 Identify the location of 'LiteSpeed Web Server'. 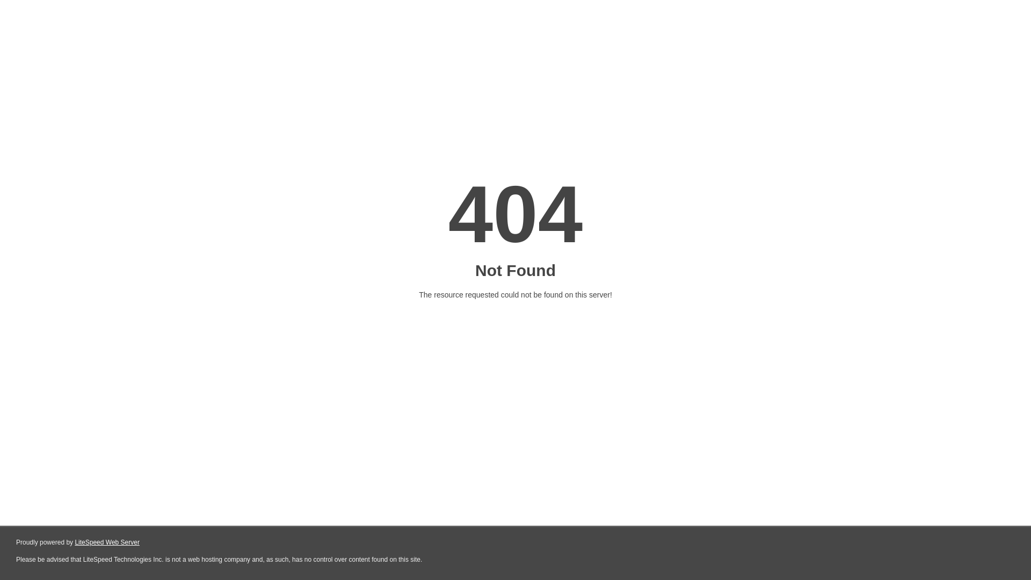
(107, 542).